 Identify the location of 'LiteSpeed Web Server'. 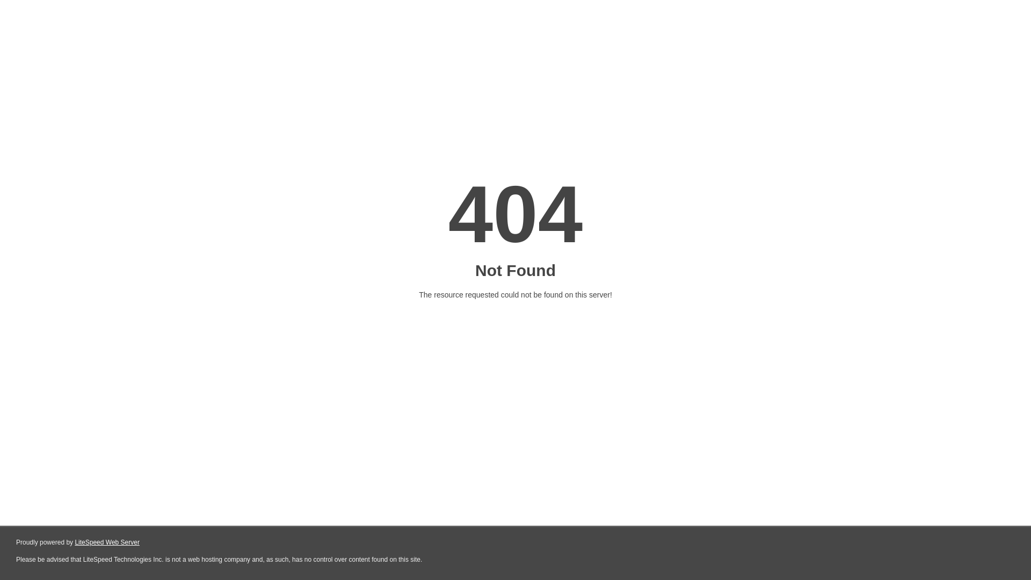
(107, 542).